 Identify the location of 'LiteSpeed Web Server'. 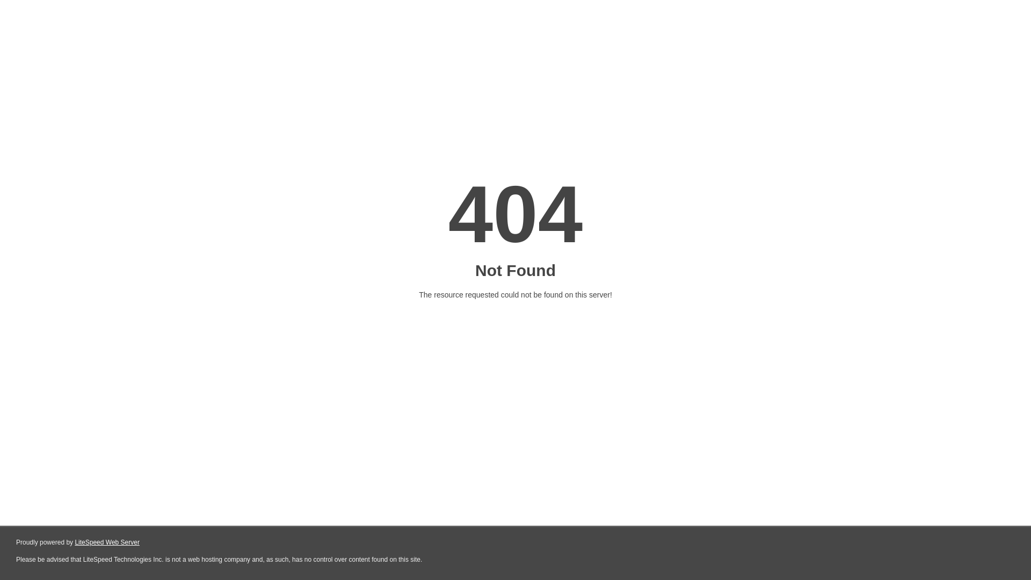
(107, 542).